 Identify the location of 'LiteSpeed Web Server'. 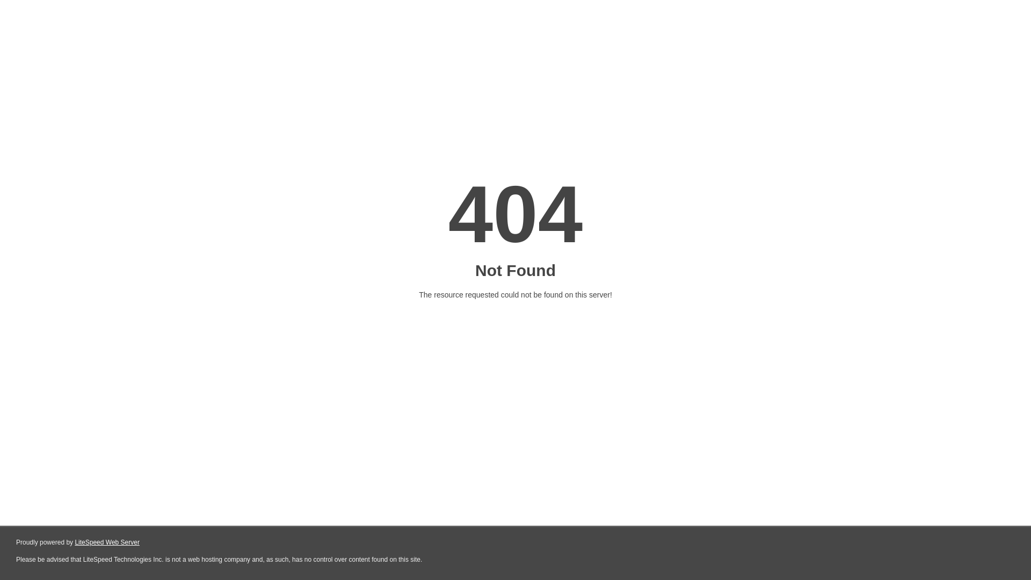
(107, 542).